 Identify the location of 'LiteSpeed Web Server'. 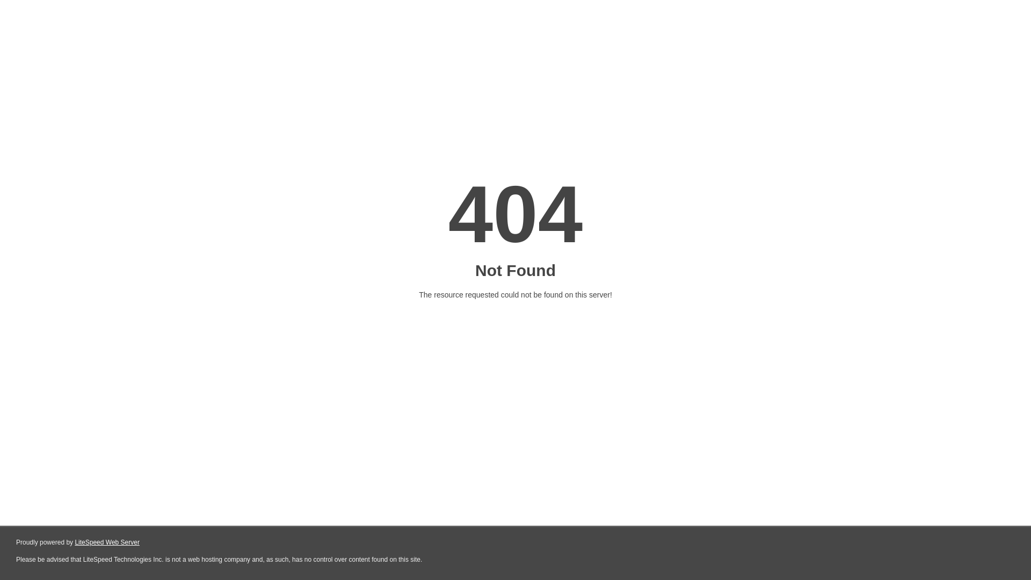
(107, 542).